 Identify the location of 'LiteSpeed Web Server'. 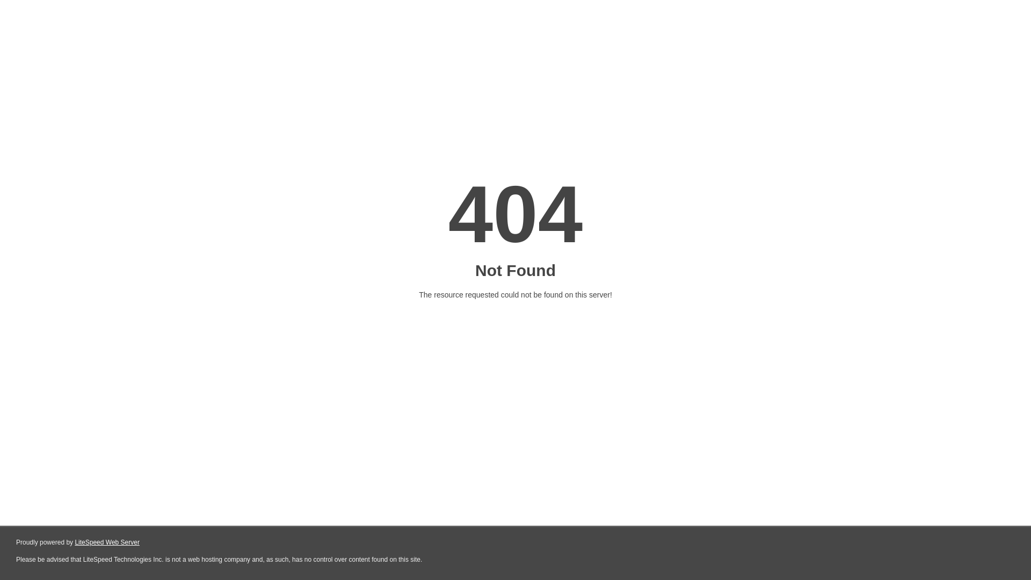
(107, 542).